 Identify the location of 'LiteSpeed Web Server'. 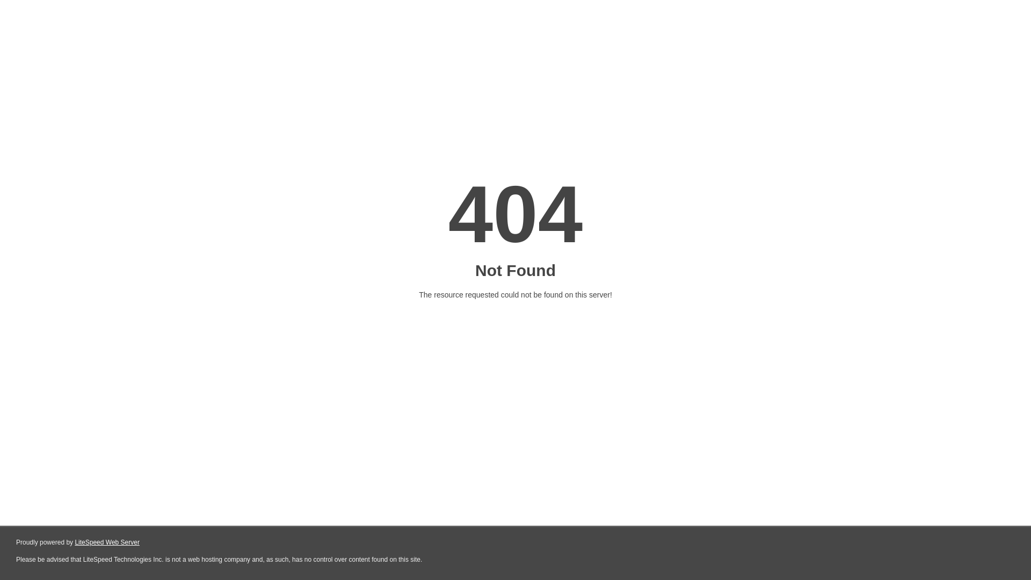
(107, 542).